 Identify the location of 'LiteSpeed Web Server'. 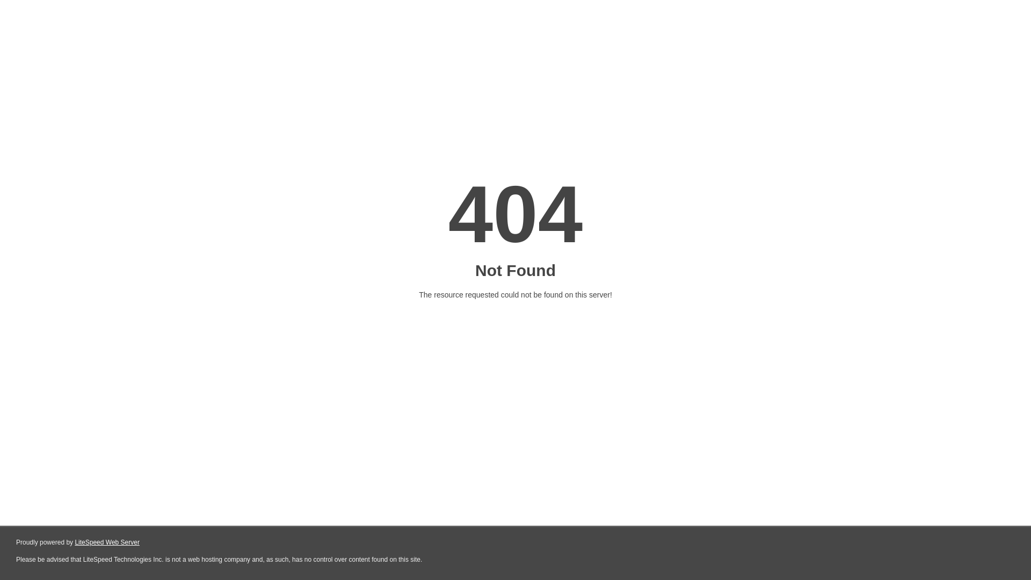
(107, 542).